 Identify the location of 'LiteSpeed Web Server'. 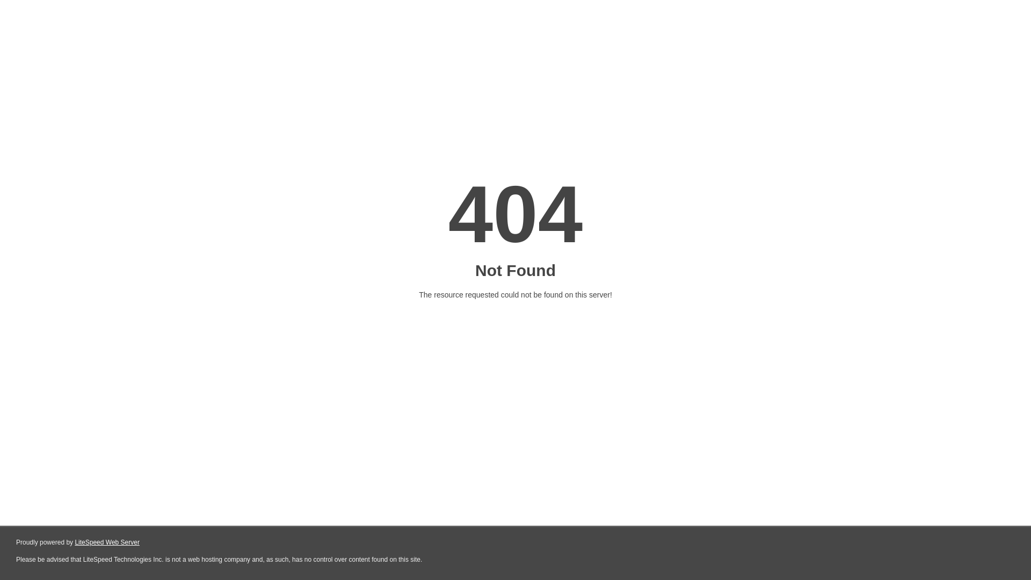
(107, 542).